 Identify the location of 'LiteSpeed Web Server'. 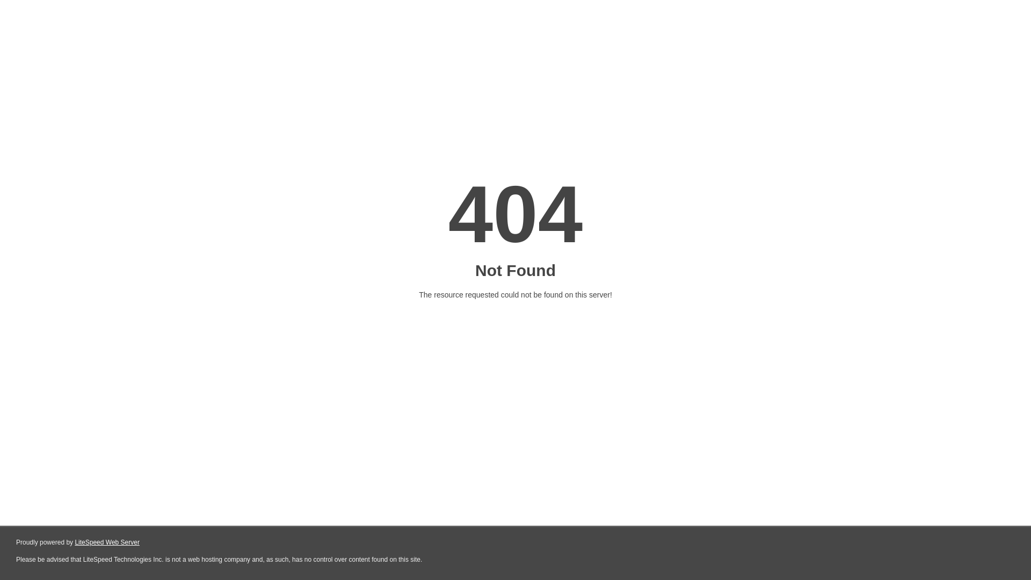
(107, 542).